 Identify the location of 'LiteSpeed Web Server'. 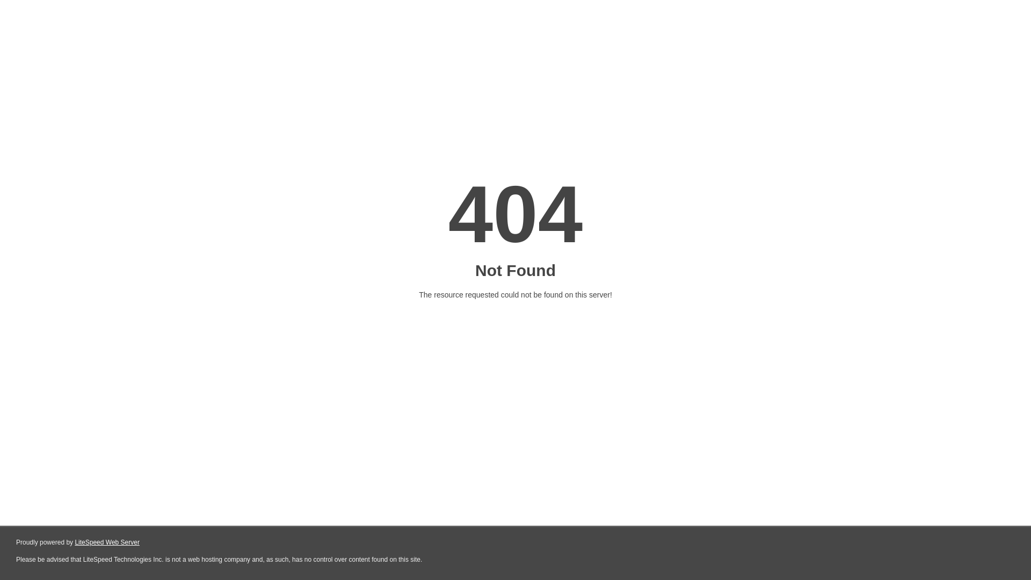
(107, 542).